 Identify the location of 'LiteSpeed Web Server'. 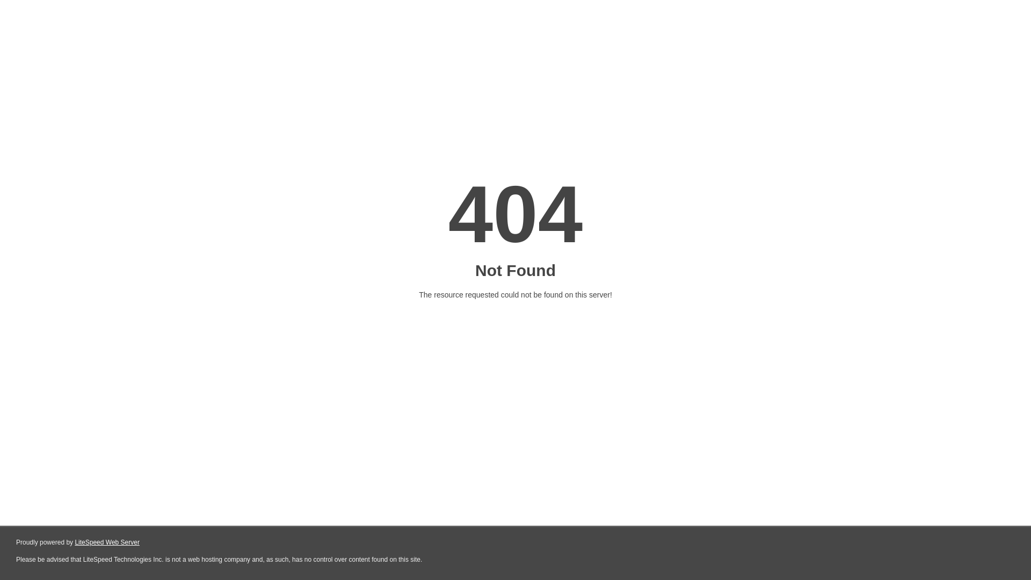
(107, 542).